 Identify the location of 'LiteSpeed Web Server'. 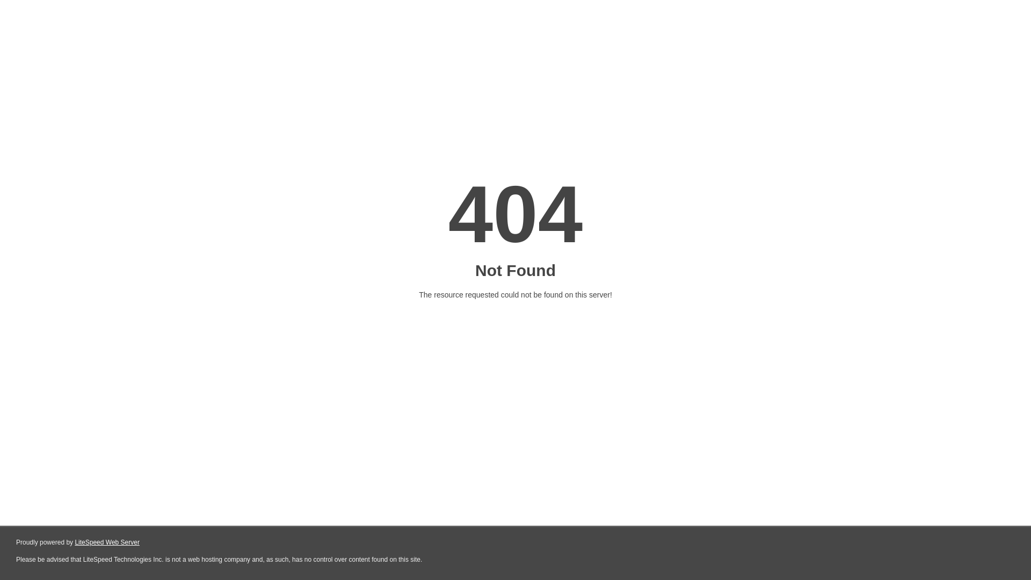
(107, 542).